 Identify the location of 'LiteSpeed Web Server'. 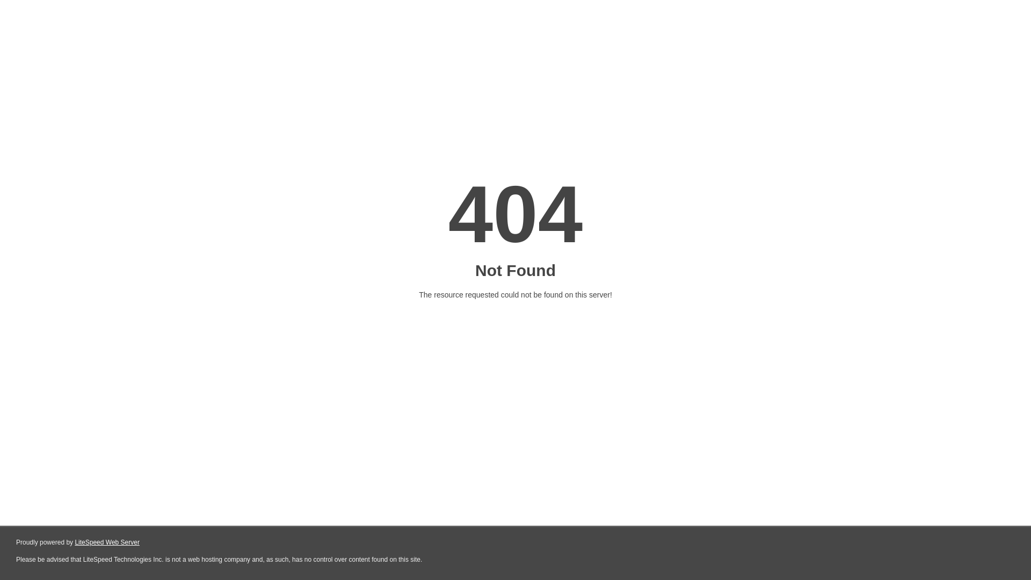
(107, 542).